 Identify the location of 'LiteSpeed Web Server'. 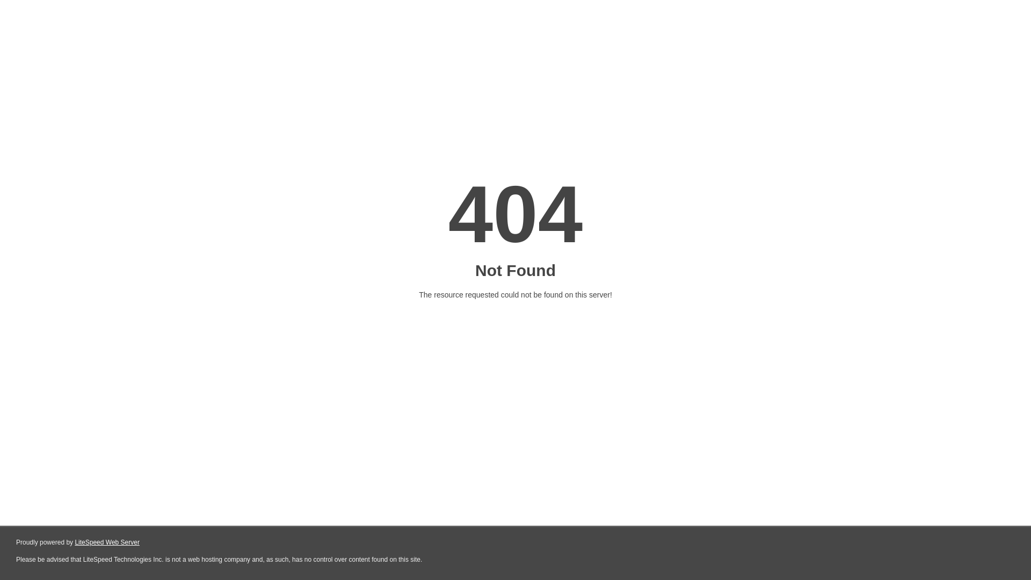
(107, 542).